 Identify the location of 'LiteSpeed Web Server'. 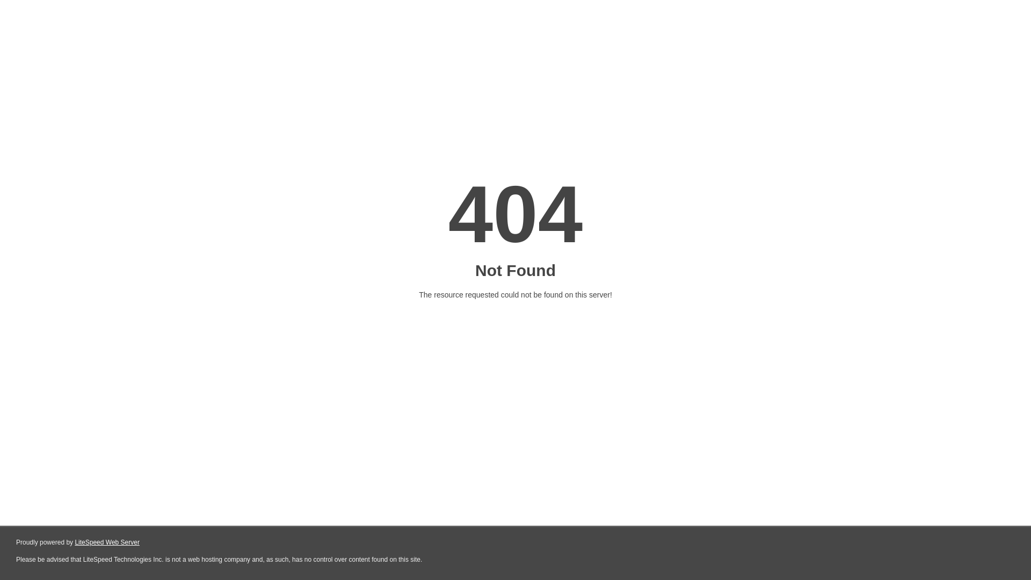
(107, 542).